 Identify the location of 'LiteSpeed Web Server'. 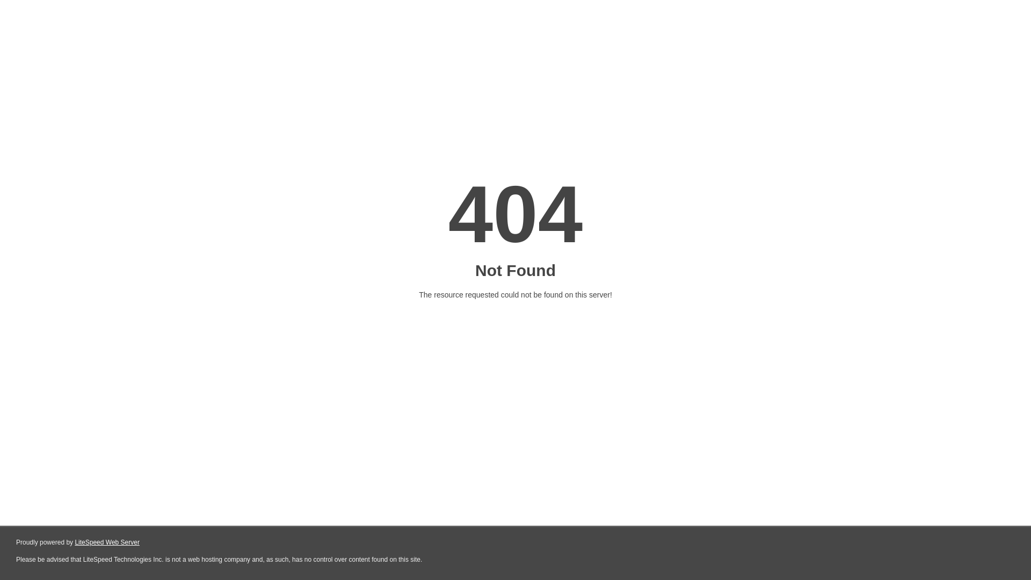
(107, 542).